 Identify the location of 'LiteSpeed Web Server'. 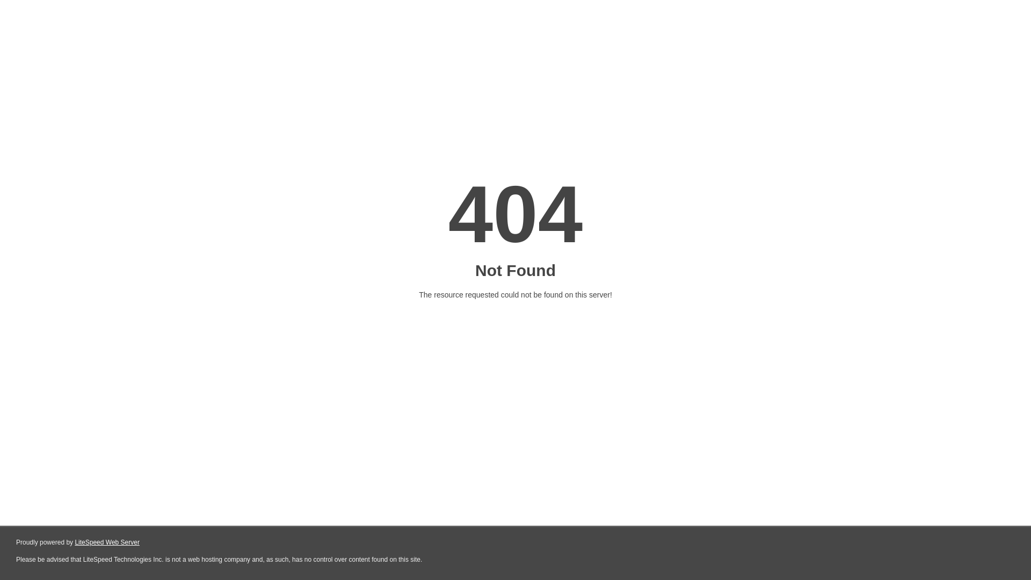
(107, 542).